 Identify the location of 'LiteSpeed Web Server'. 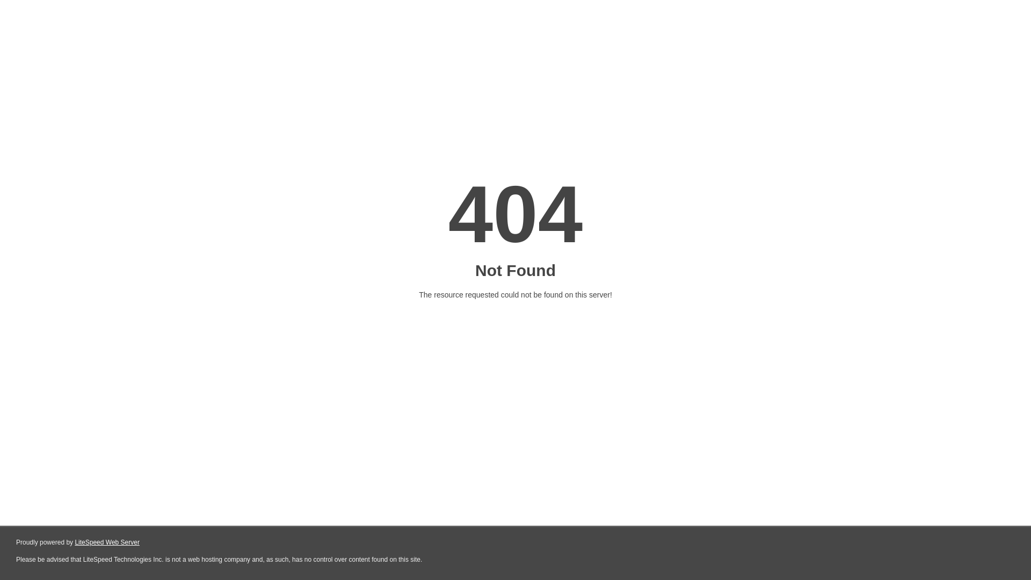
(107, 542).